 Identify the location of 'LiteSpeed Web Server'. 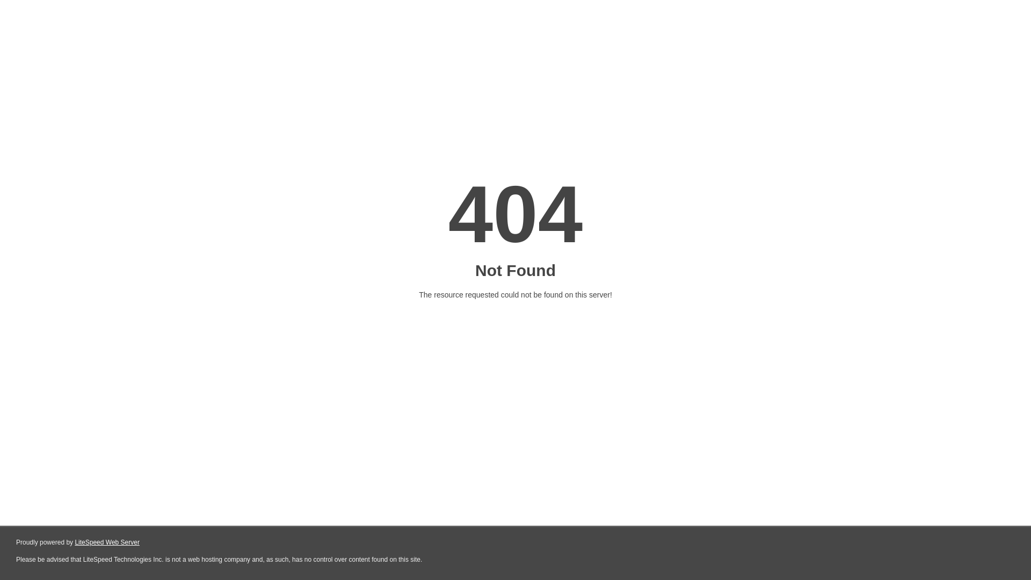
(107, 542).